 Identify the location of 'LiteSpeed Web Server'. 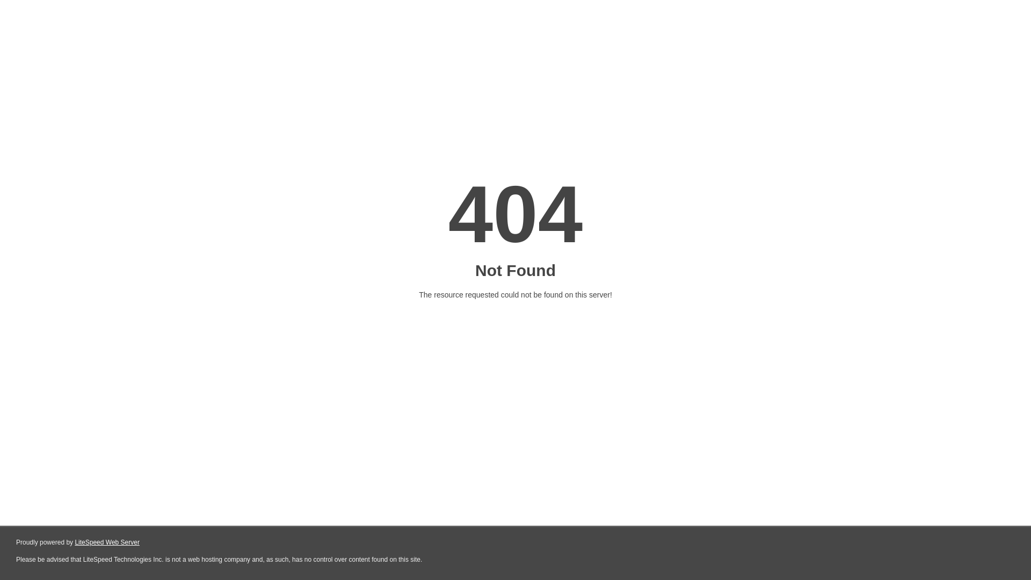
(107, 542).